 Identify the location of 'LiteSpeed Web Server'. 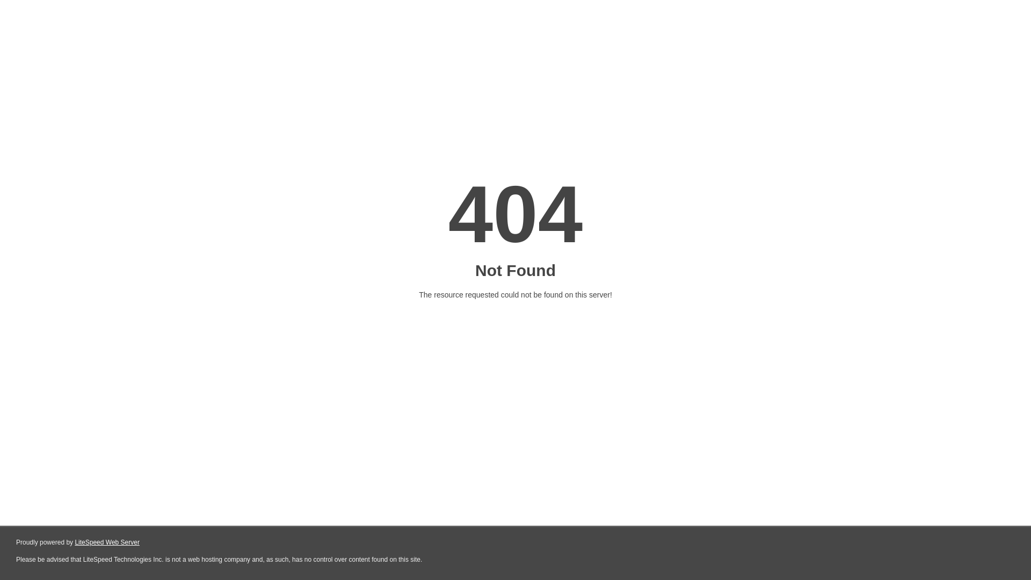
(107, 542).